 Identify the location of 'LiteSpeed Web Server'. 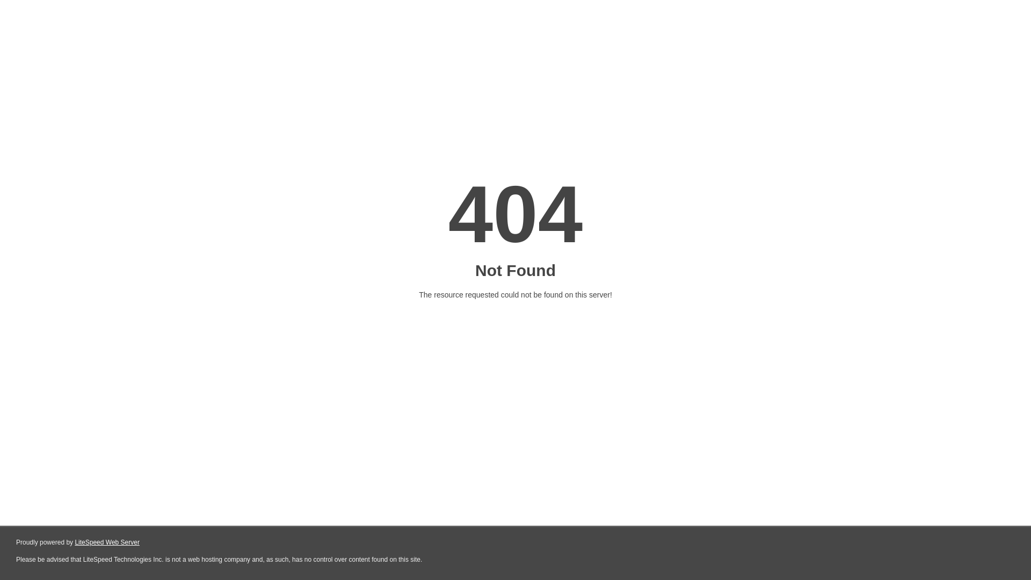
(107, 542).